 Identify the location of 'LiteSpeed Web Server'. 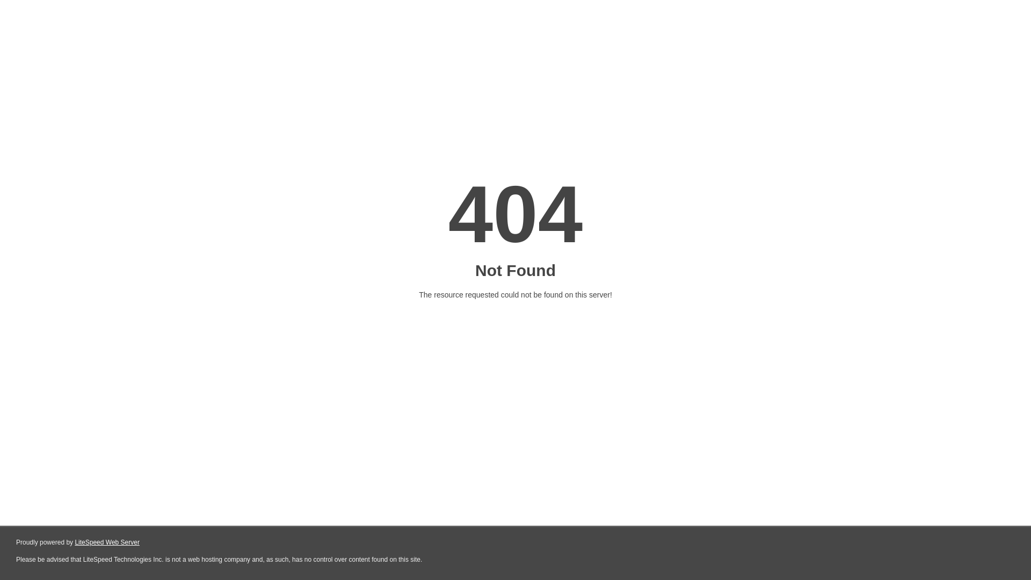
(107, 542).